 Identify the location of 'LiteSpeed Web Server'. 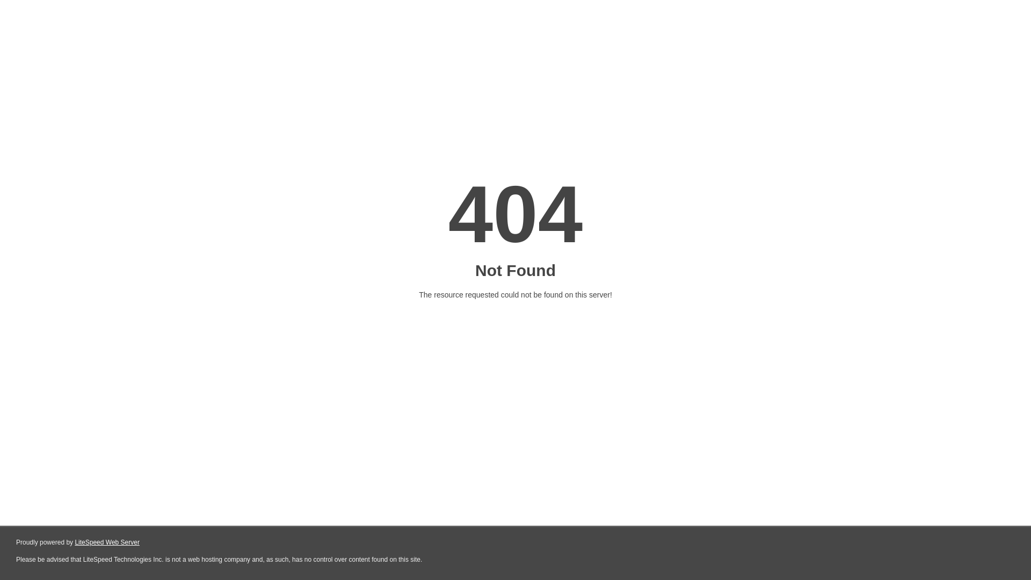
(107, 542).